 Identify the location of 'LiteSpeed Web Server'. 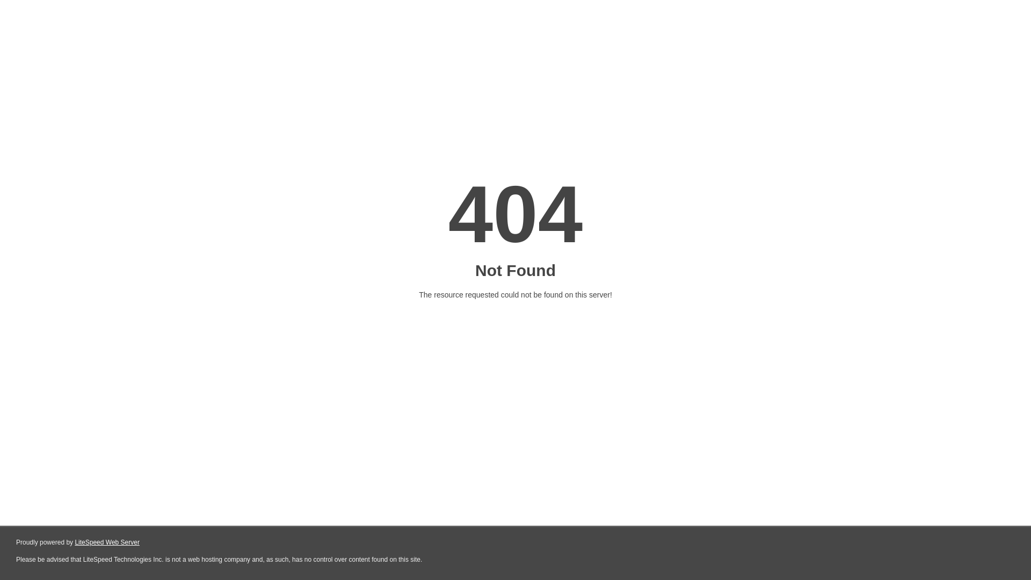
(107, 542).